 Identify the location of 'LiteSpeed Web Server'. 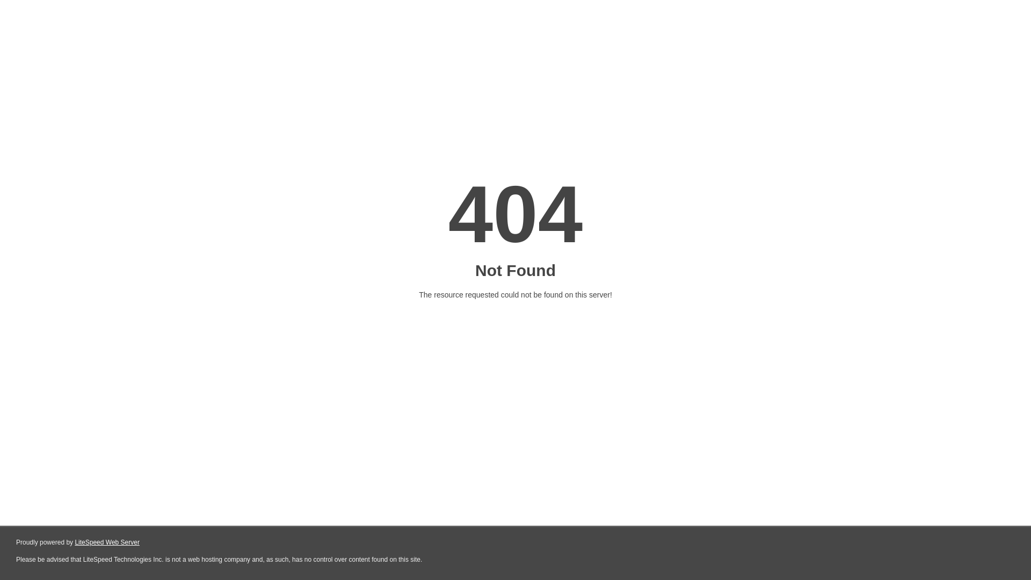
(107, 542).